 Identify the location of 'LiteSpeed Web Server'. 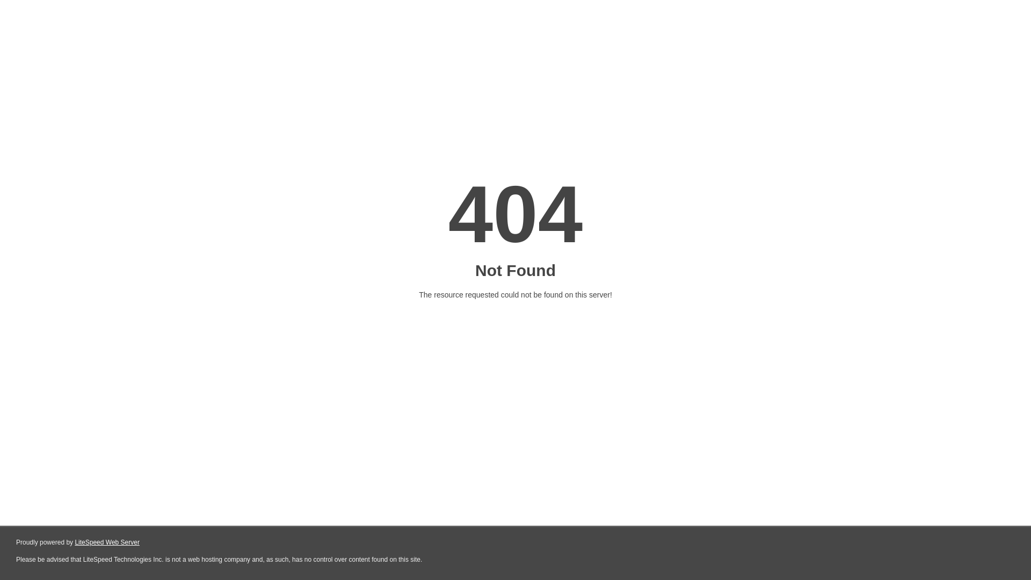
(107, 542).